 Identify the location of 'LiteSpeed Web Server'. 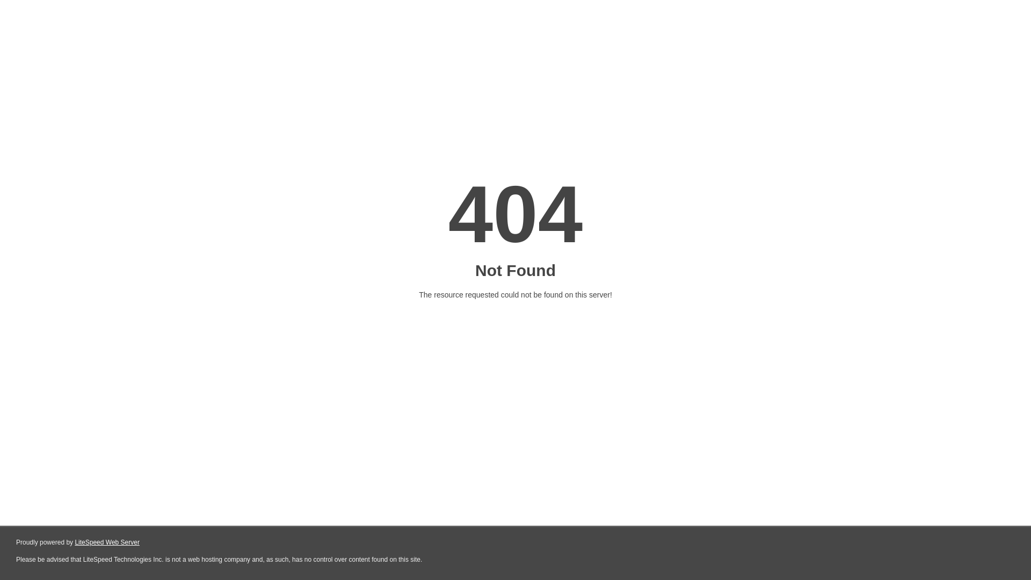
(107, 542).